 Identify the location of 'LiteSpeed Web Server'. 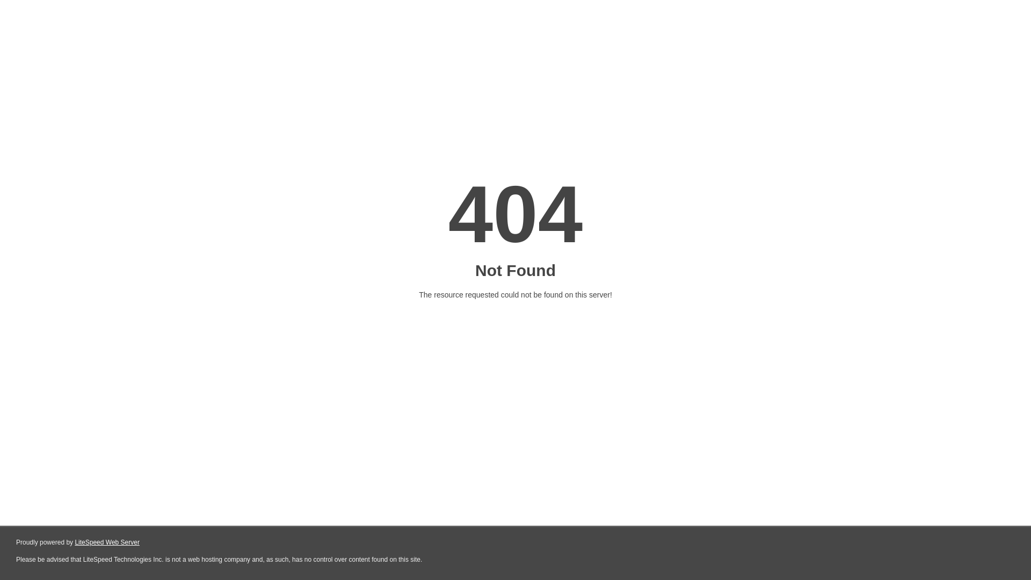
(107, 542).